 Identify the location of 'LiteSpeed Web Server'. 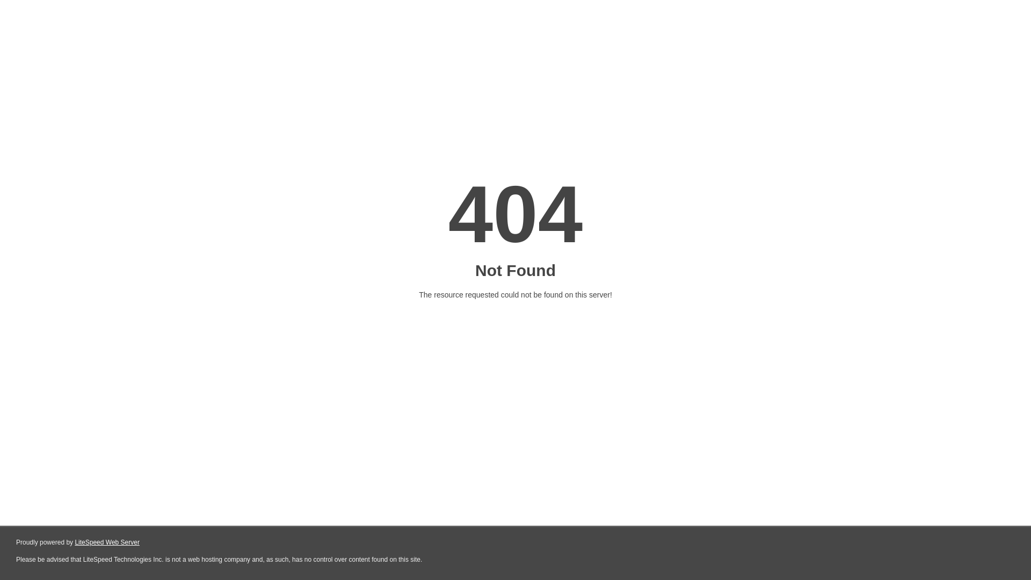
(107, 542).